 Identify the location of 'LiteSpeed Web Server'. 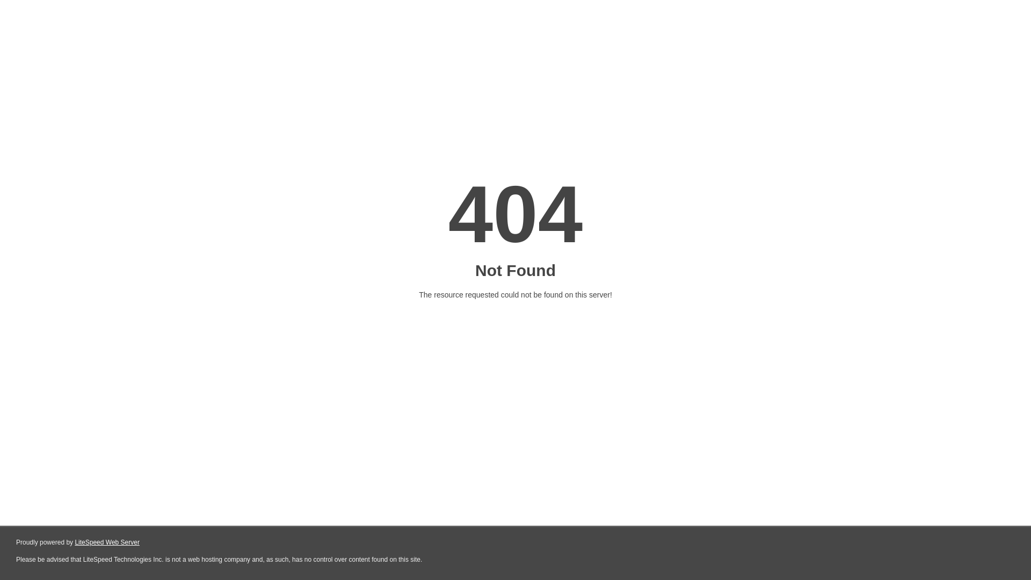
(107, 542).